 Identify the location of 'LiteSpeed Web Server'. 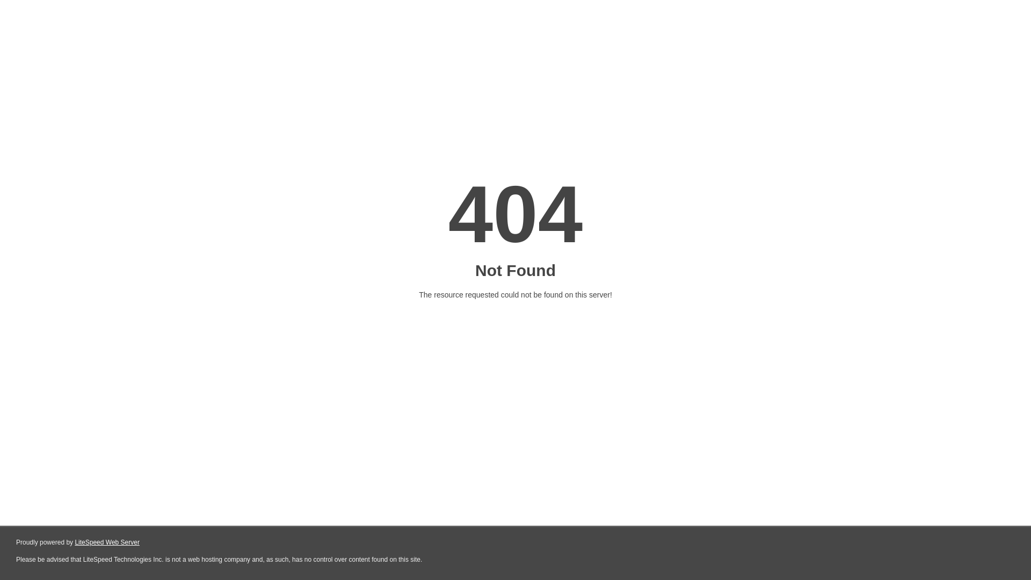
(107, 542).